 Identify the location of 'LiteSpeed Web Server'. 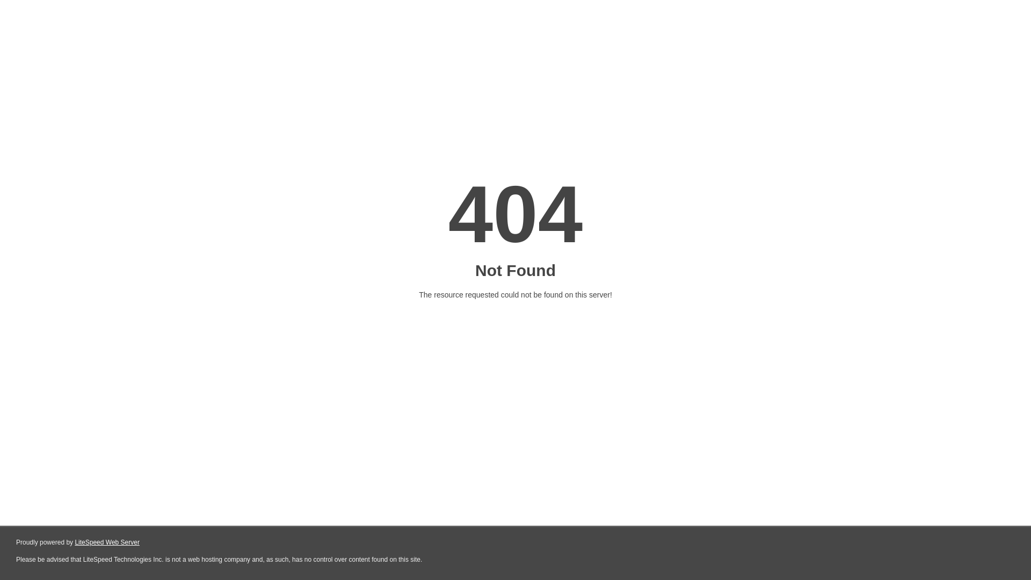
(107, 542).